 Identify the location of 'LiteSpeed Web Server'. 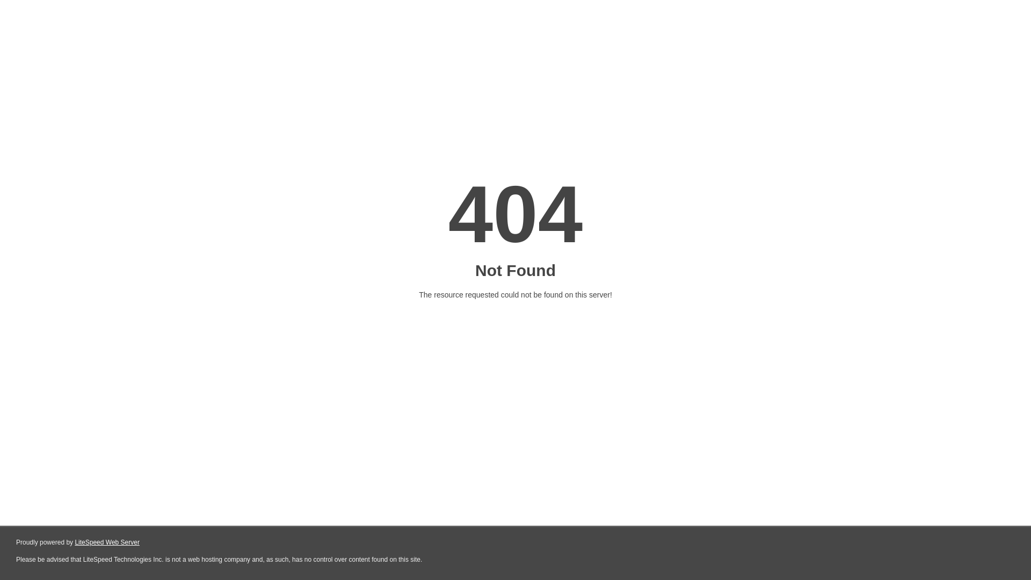
(107, 542).